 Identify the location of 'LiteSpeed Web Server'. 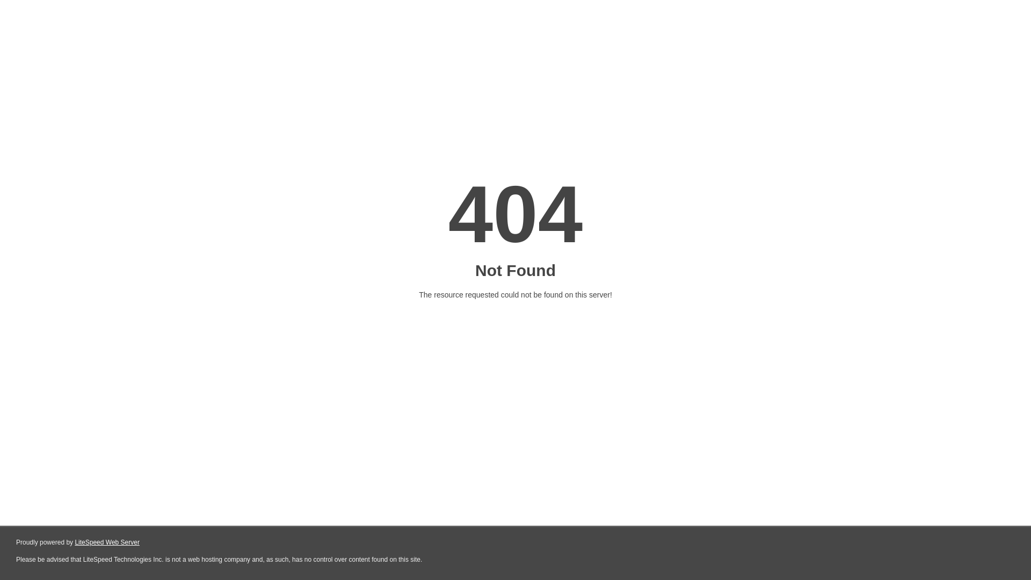
(107, 542).